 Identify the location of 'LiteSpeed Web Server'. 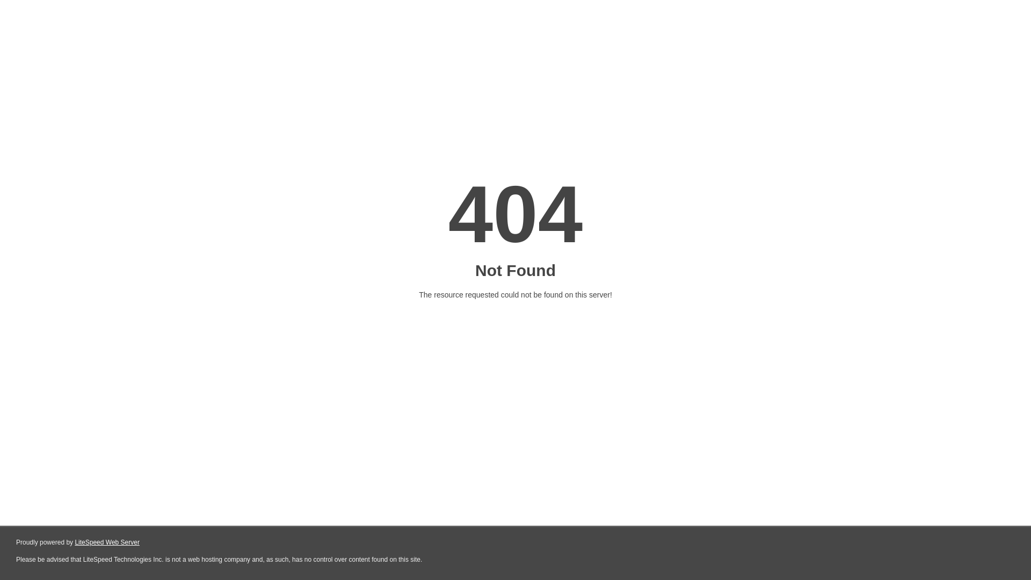
(107, 542).